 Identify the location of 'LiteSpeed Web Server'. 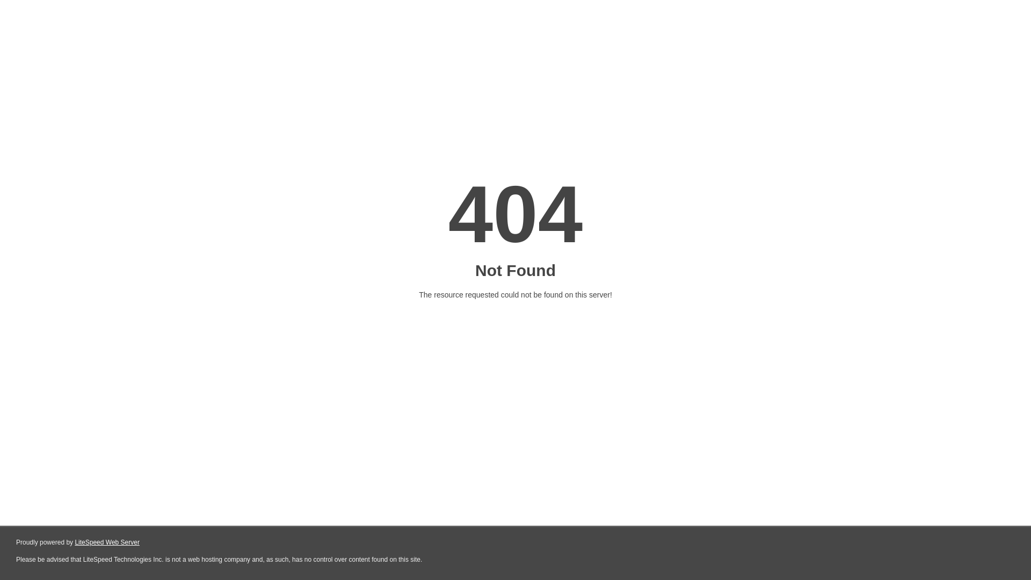
(107, 542).